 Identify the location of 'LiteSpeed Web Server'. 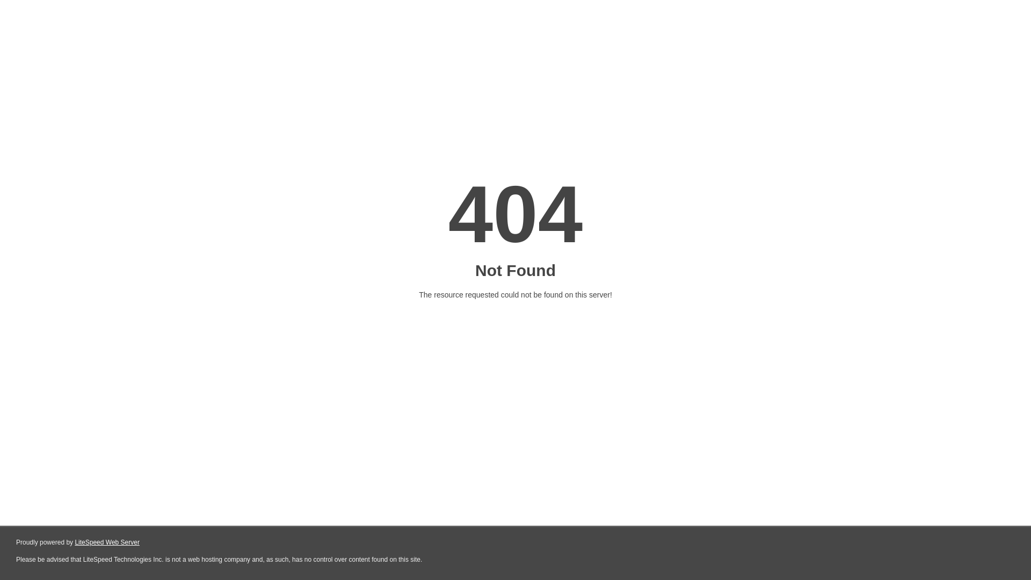
(107, 542).